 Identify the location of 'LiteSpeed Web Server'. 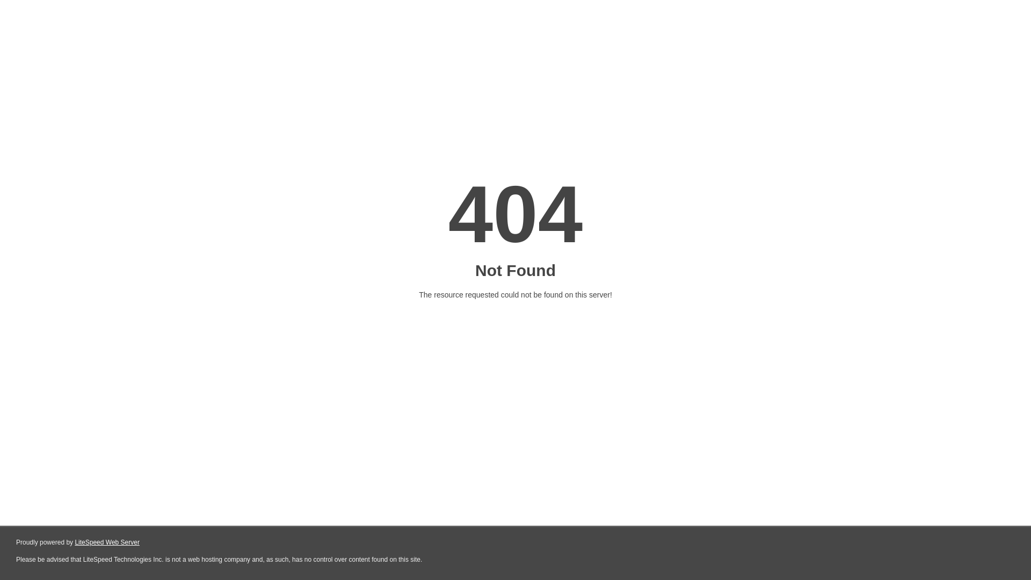
(107, 542).